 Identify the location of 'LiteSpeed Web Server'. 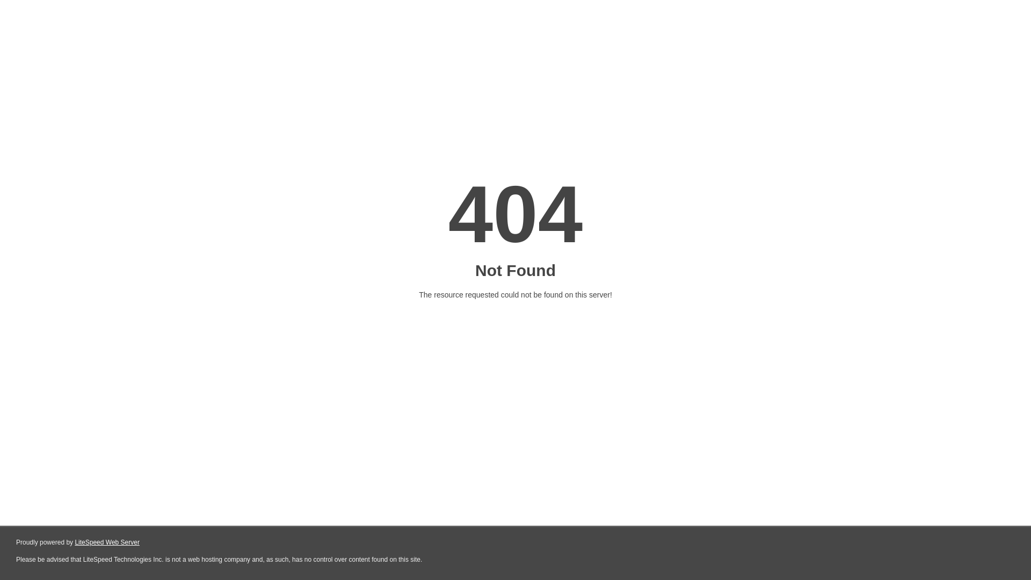
(107, 542).